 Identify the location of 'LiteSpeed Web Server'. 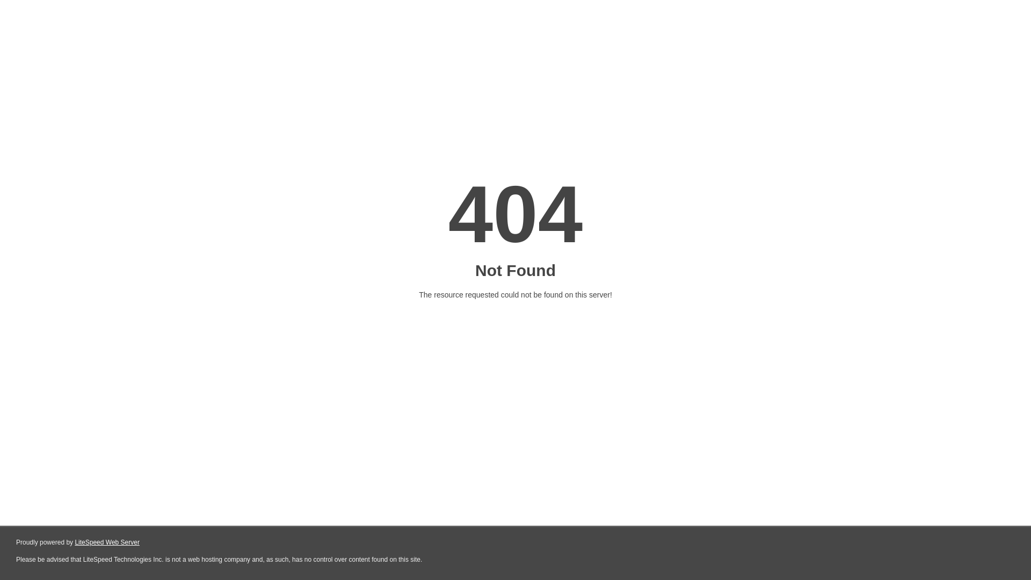
(107, 542).